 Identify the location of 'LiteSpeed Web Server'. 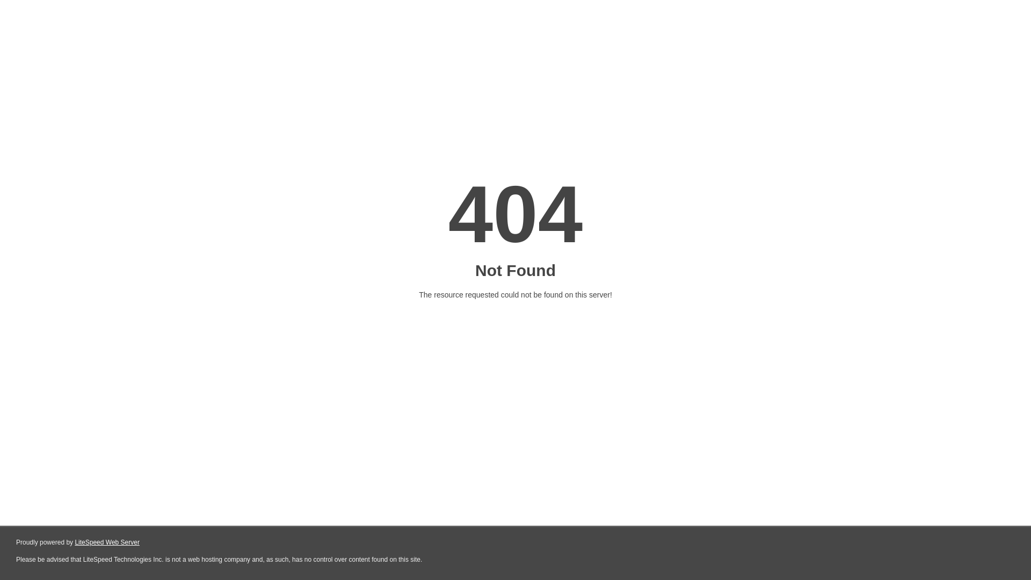
(107, 542).